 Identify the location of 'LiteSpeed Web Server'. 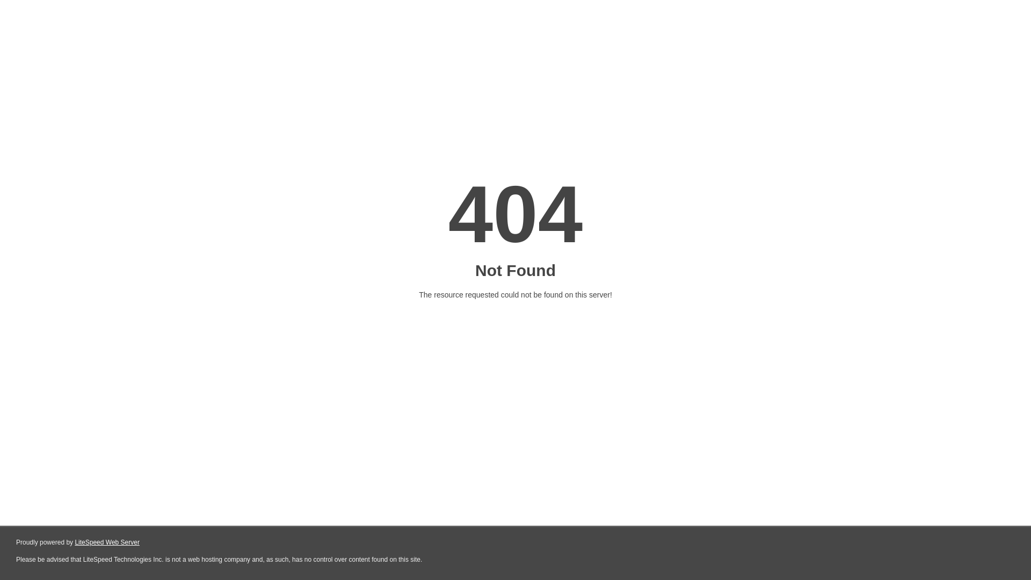
(107, 542).